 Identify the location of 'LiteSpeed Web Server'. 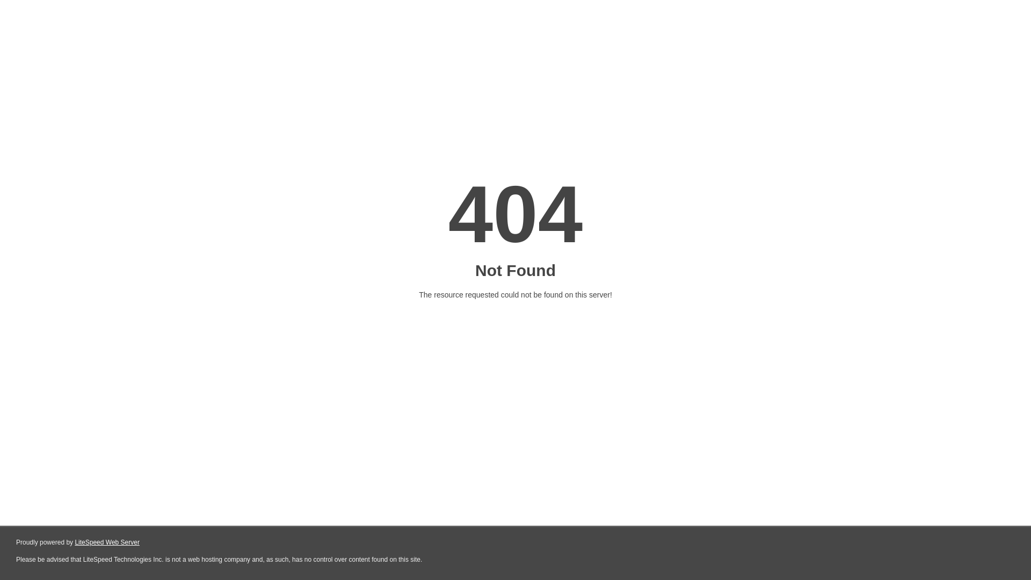
(107, 542).